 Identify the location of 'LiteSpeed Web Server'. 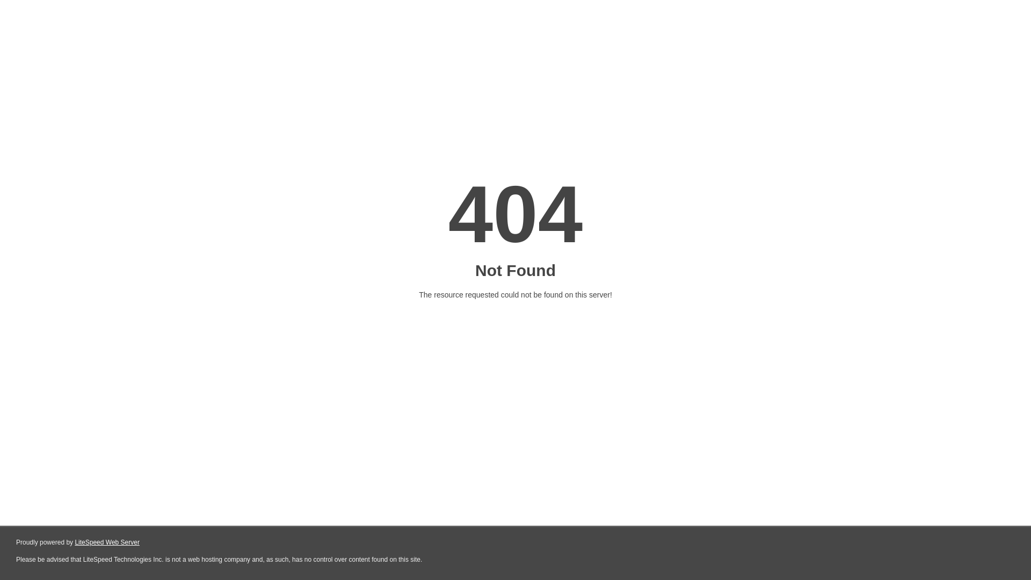
(107, 542).